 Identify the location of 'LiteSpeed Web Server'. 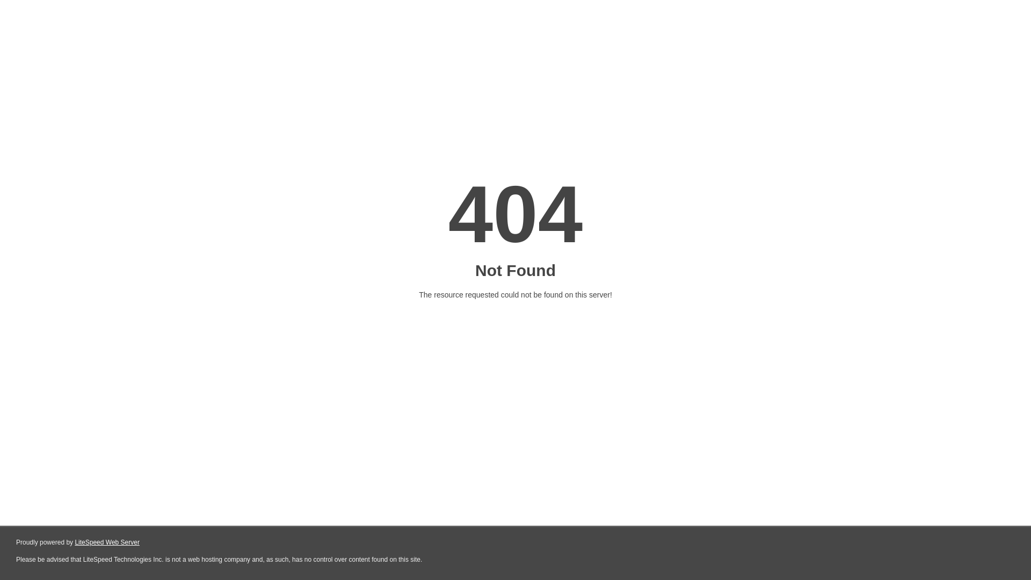
(107, 542).